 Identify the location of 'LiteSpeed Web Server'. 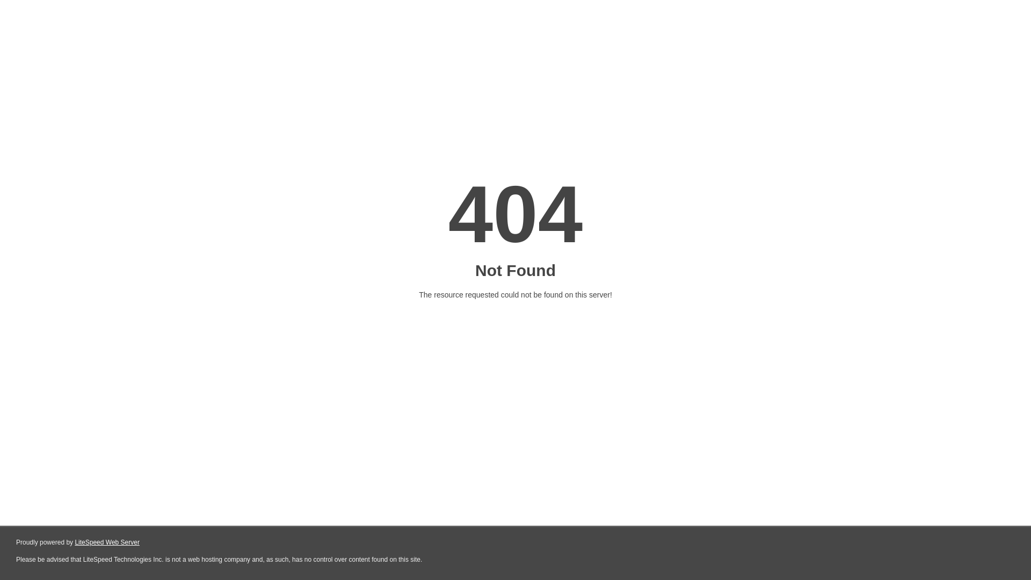
(107, 542).